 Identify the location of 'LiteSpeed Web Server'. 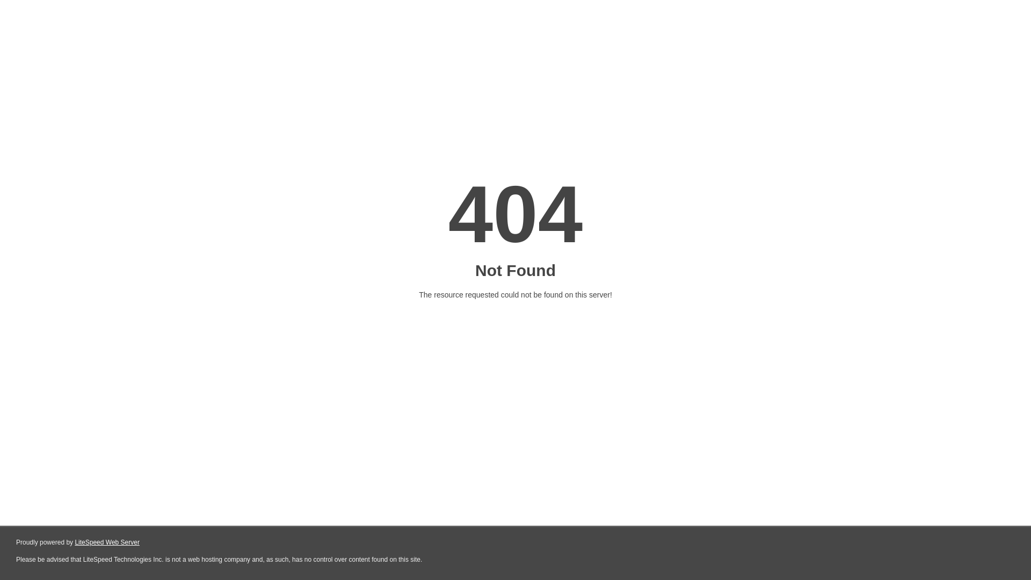
(107, 542).